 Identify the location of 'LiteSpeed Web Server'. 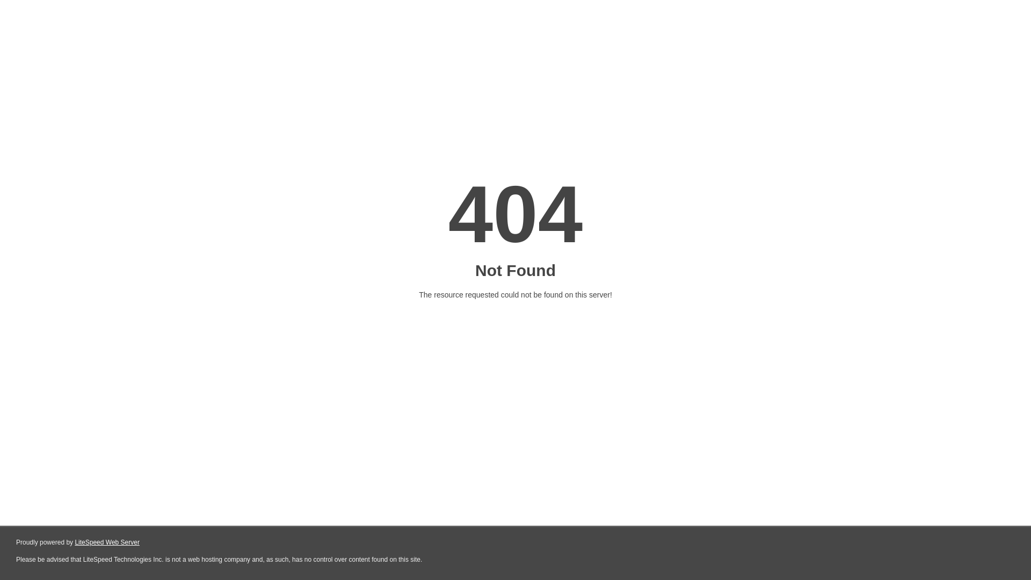
(107, 542).